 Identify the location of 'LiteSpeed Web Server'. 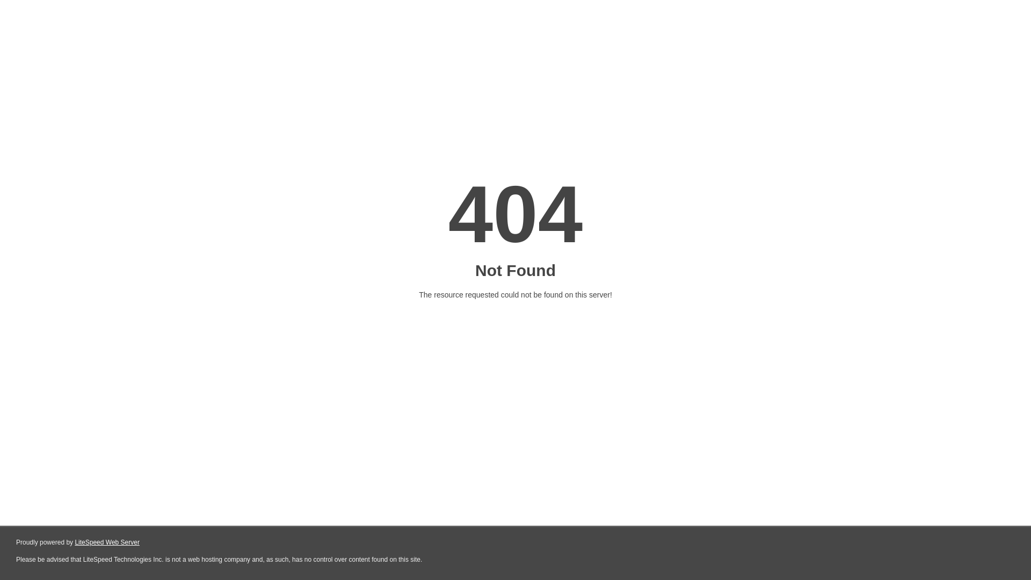
(107, 542).